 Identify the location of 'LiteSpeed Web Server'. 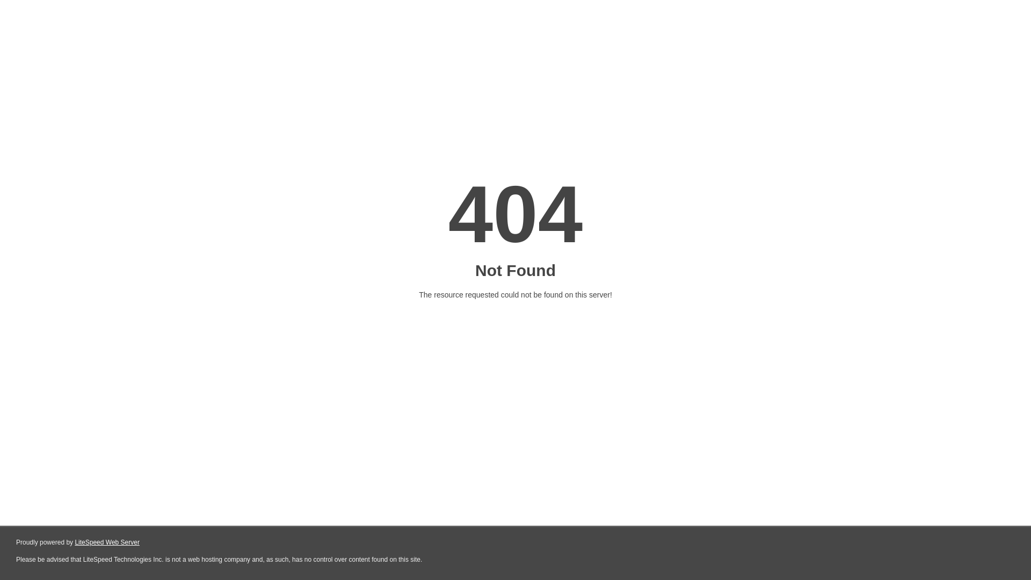
(107, 542).